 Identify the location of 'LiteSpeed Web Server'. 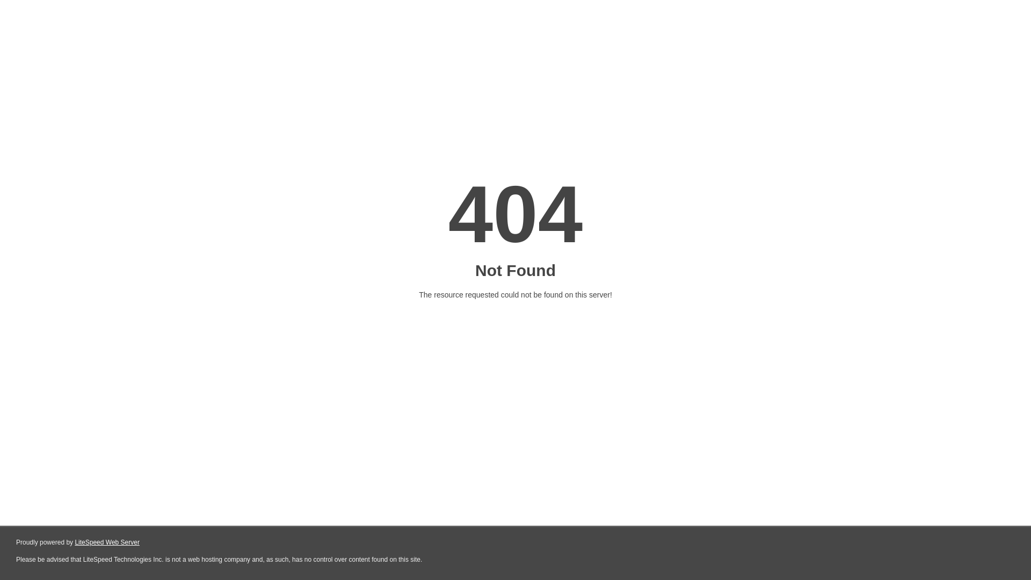
(107, 542).